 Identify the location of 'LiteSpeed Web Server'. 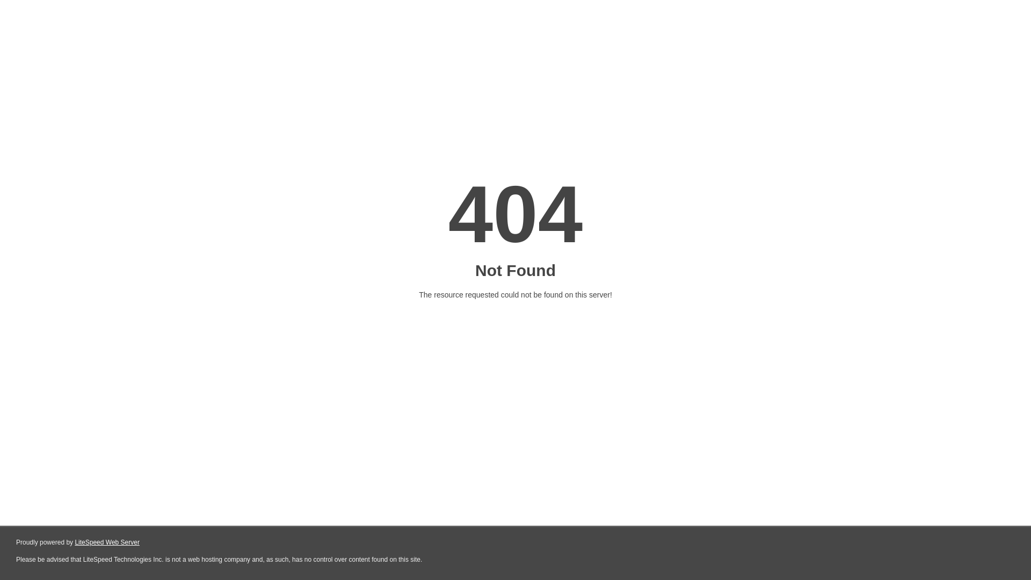
(107, 542).